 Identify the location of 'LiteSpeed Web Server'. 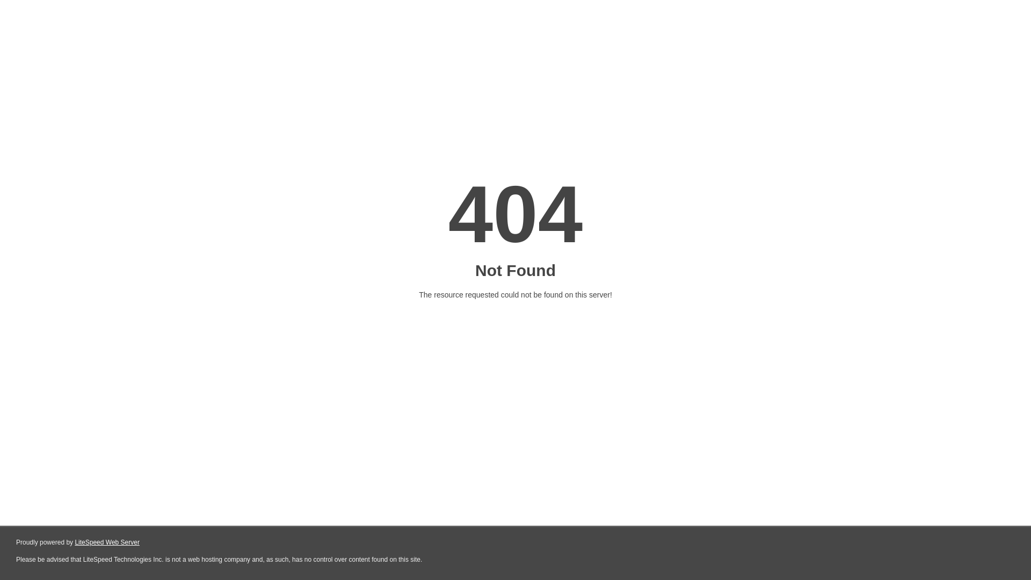
(107, 542).